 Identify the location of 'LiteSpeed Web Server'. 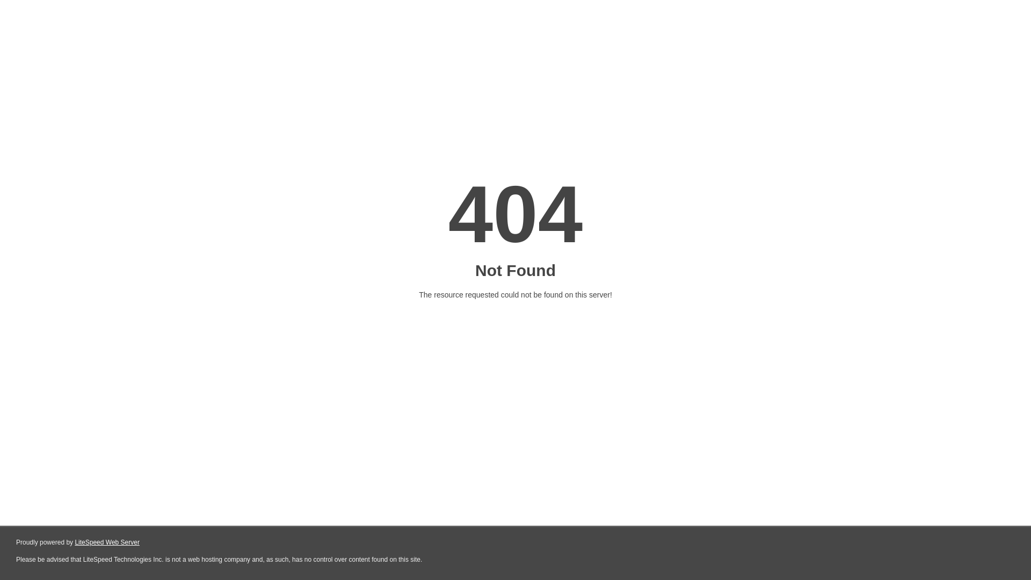
(107, 542).